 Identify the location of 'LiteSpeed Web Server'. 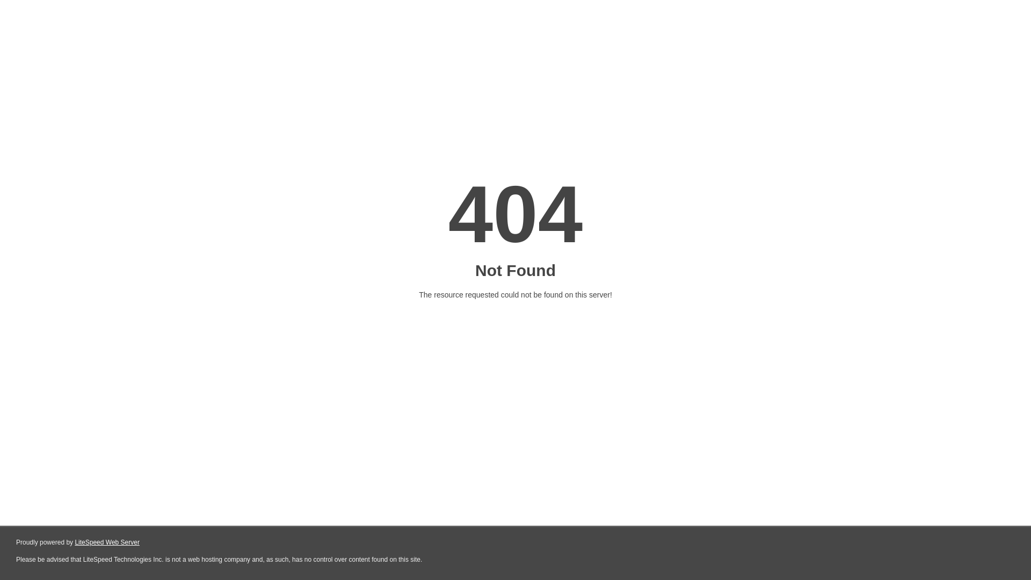
(107, 542).